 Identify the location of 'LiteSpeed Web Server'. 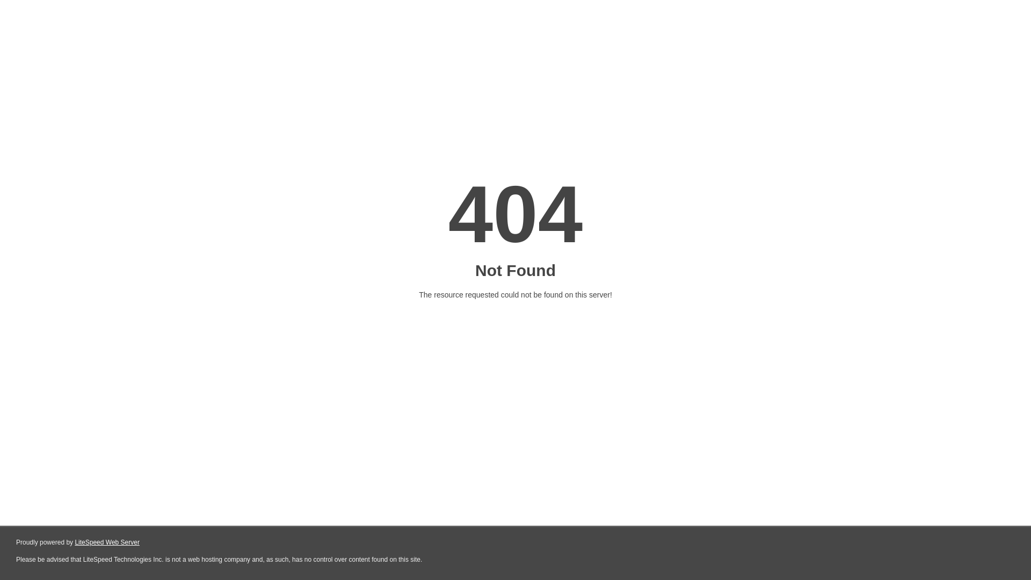
(107, 542).